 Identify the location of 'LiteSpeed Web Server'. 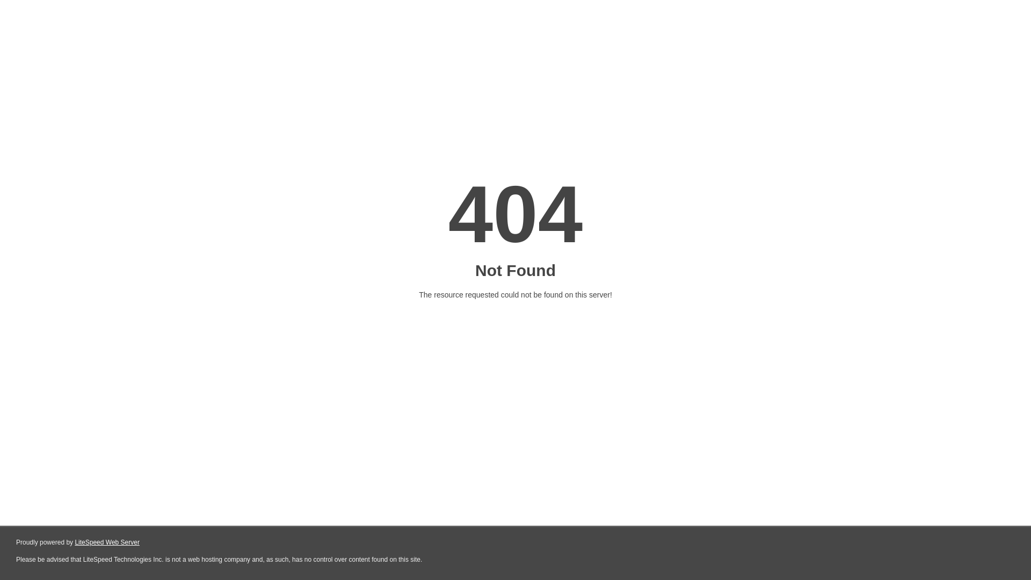
(107, 542).